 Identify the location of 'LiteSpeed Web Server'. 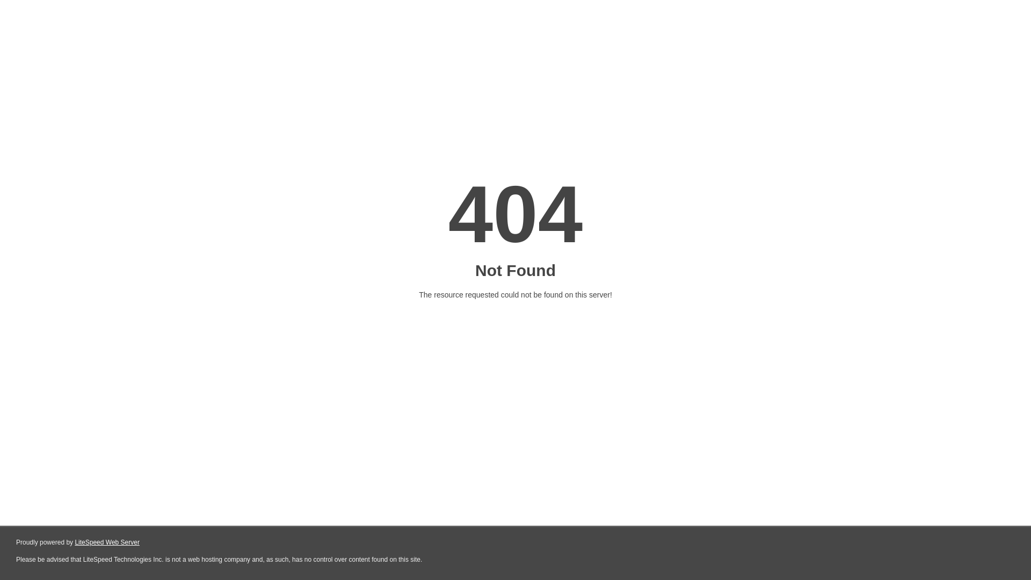
(107, 542).